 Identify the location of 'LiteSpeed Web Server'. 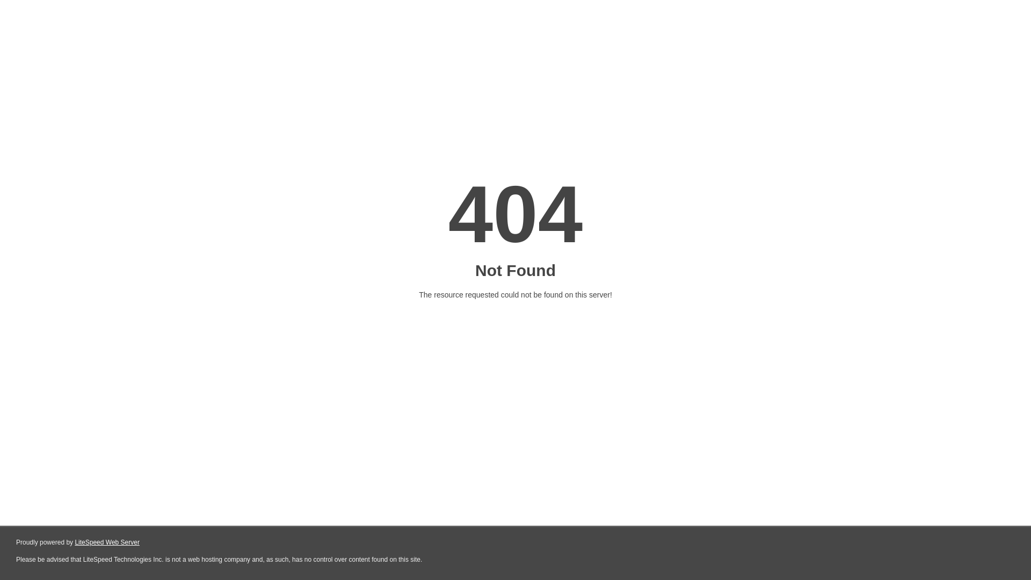
(107, 542).